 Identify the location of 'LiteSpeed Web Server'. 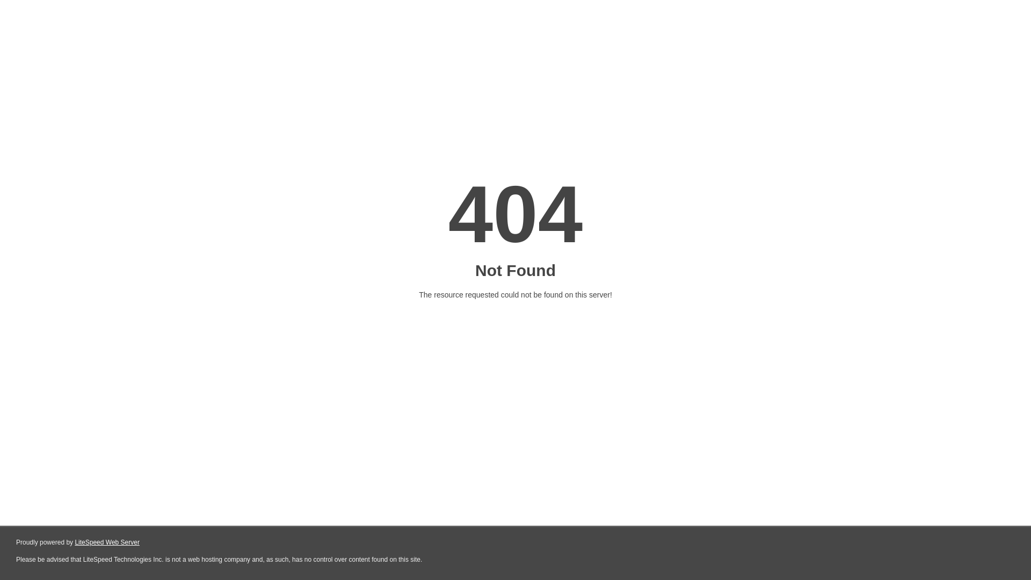
(107, 542).